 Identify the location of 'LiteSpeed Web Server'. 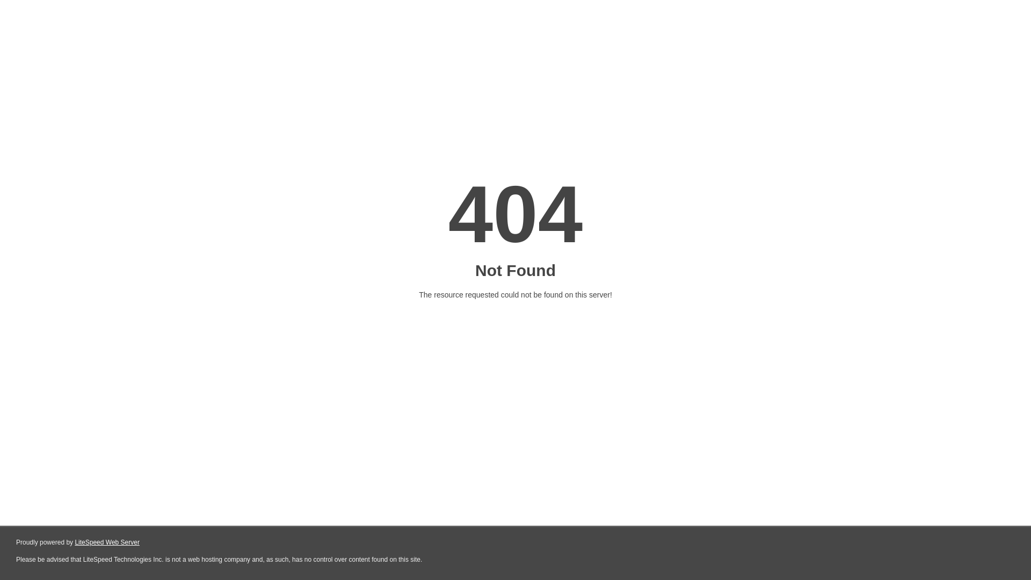
(107, 542).